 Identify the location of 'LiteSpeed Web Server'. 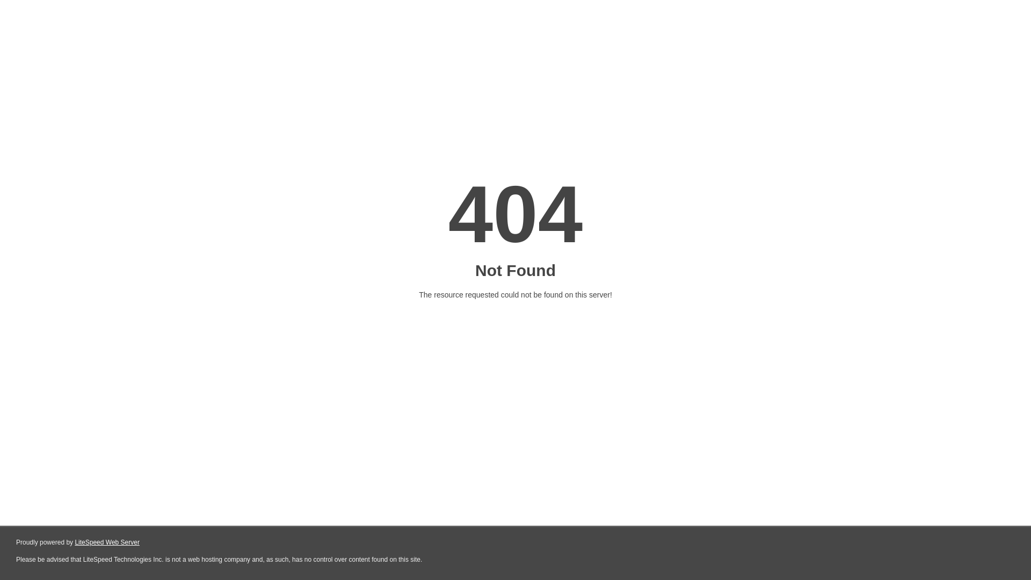
(107, 542).